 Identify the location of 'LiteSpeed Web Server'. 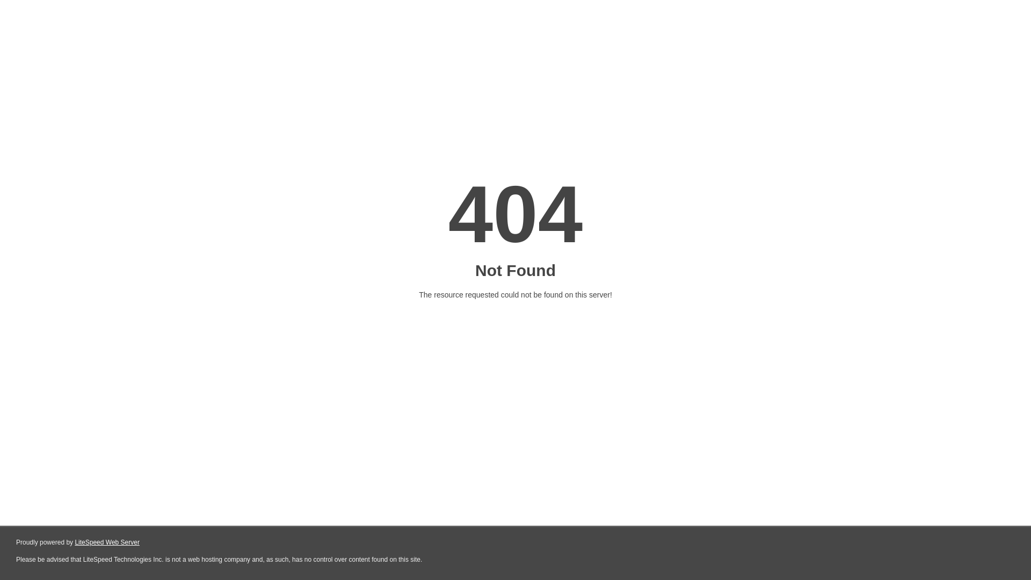
(107, 542).